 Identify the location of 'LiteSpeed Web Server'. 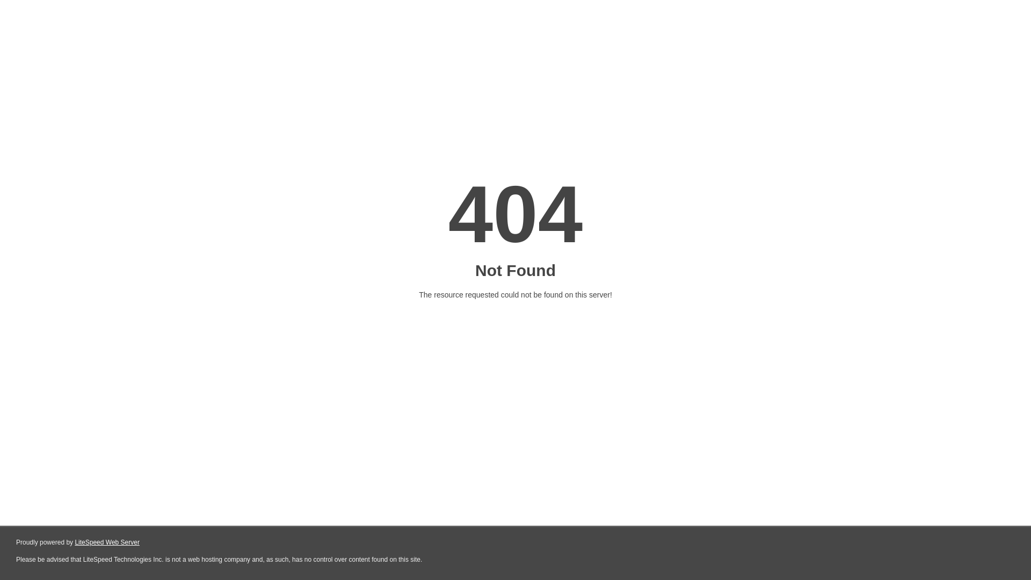
(107, 542).